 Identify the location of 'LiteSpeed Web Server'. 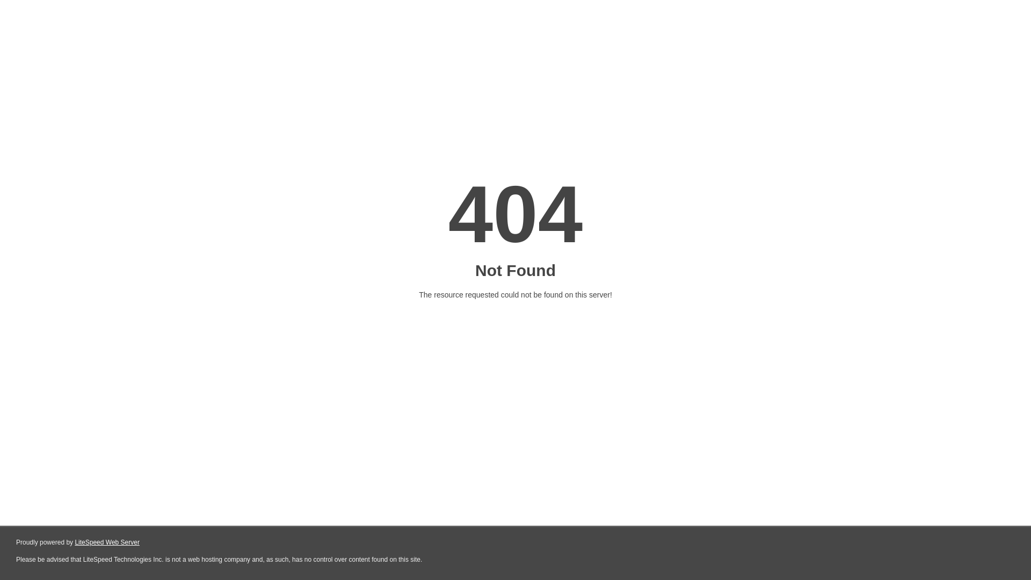
(107, 542).